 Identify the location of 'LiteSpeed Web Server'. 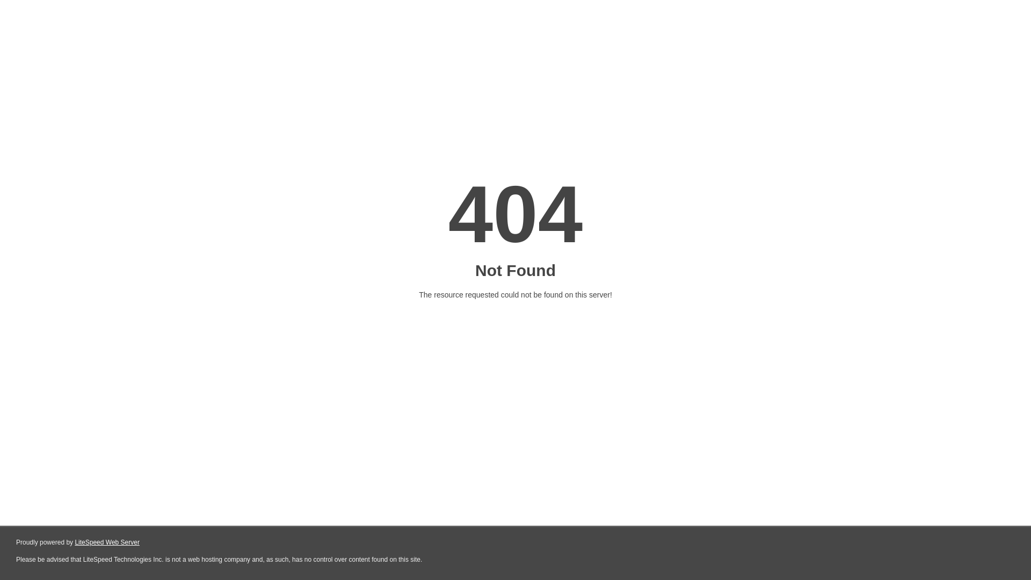
(107, 542).